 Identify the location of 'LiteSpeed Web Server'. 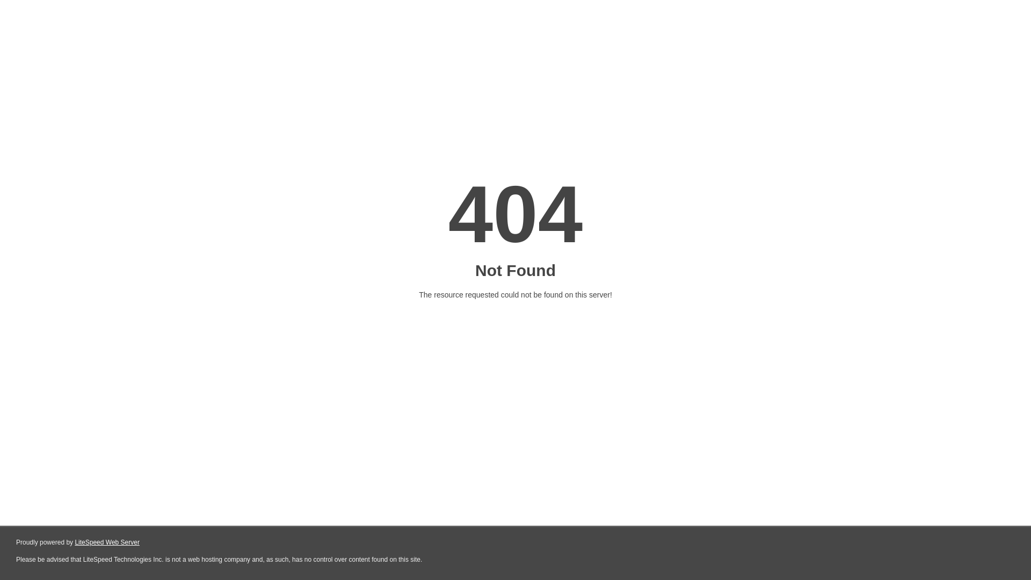
(107, 542).